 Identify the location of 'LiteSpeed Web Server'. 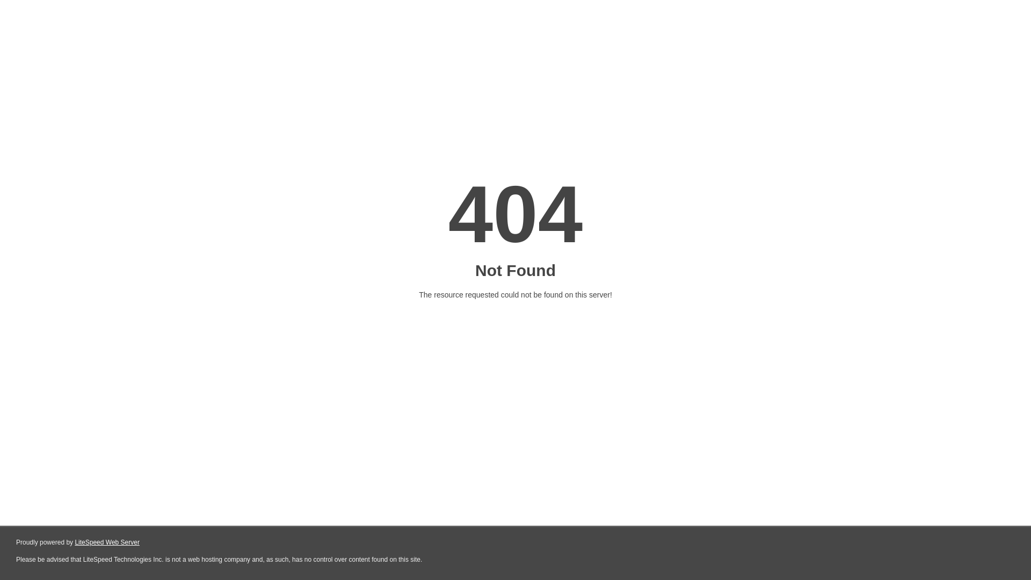
(107, 542).